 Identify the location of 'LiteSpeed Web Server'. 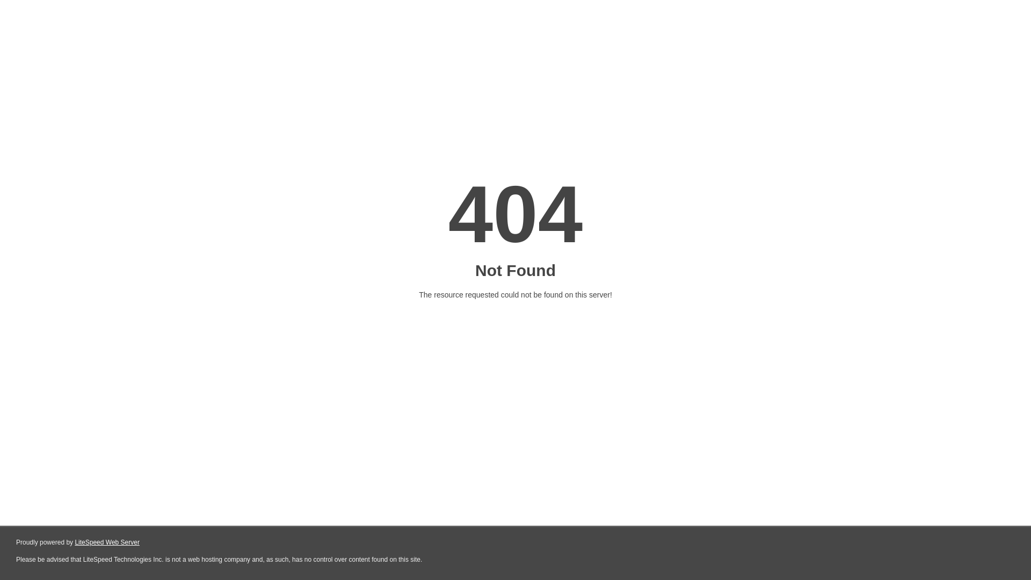
(107, 542).